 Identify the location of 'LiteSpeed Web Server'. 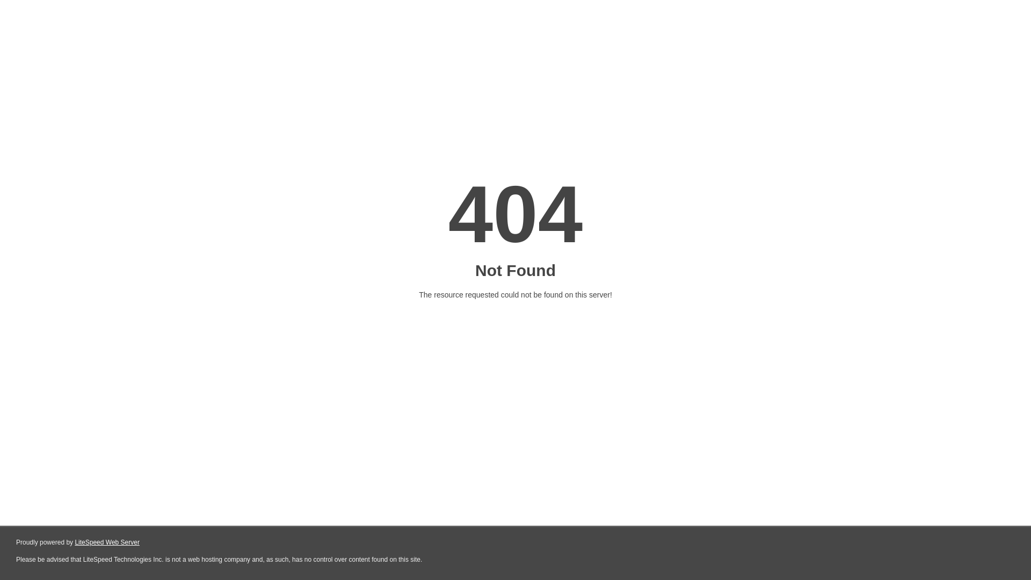
(107, 542).